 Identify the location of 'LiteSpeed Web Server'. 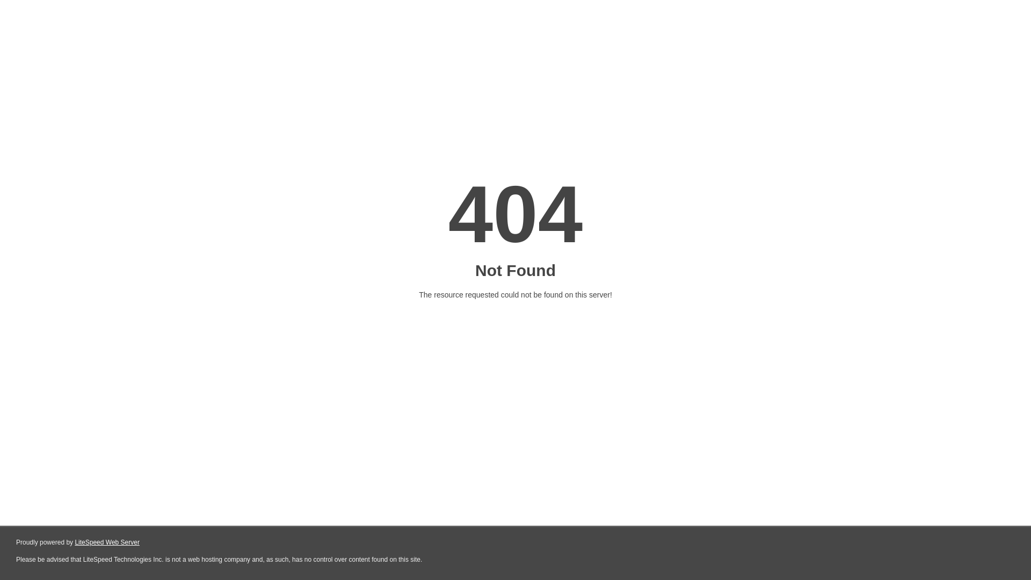
(107, 542).